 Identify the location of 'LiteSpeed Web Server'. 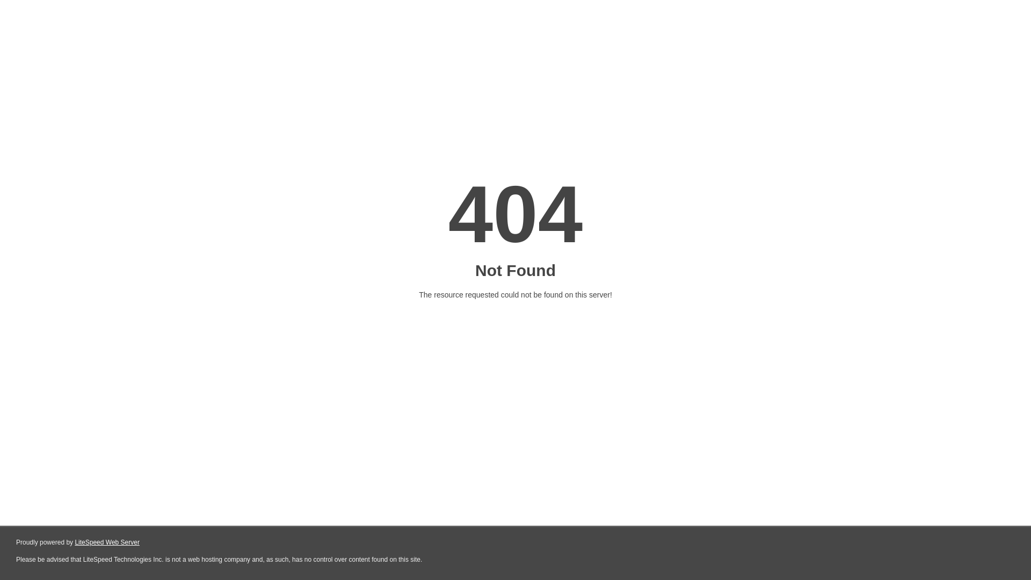
(107, 542).